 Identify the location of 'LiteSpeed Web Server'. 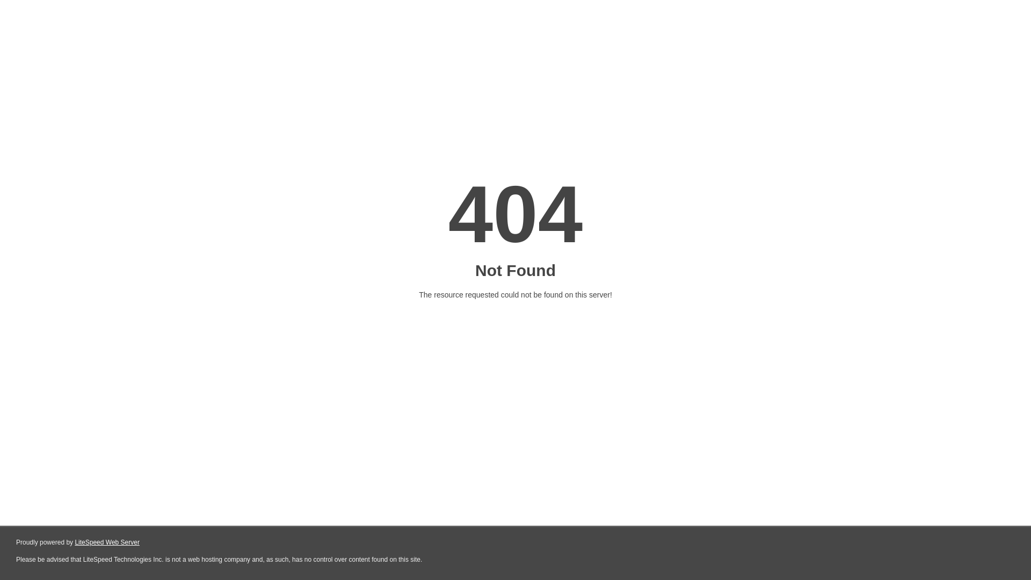
(107, 542).